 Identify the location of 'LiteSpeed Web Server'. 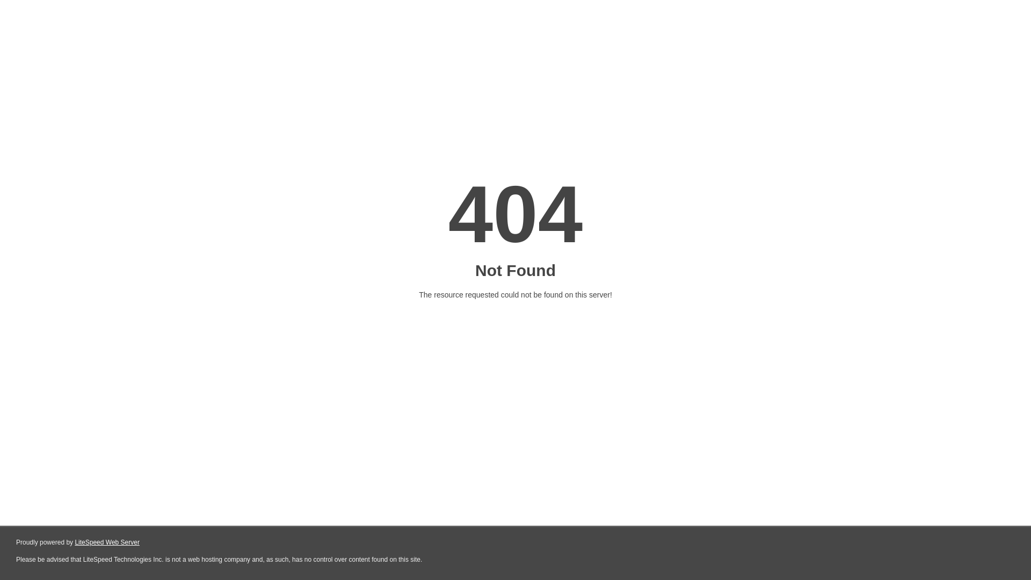
(107, 542).